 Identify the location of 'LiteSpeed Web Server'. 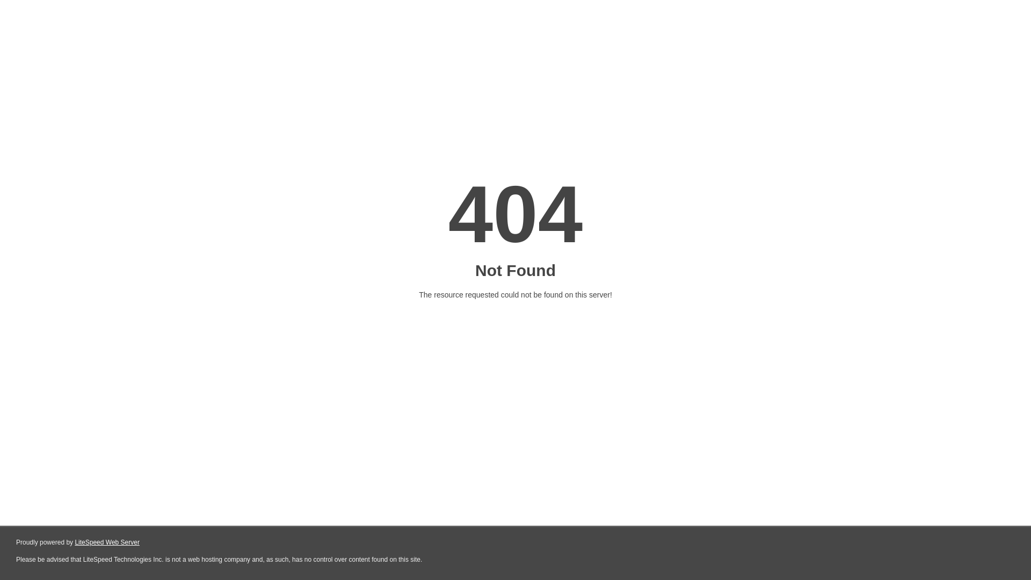
(107, 542).